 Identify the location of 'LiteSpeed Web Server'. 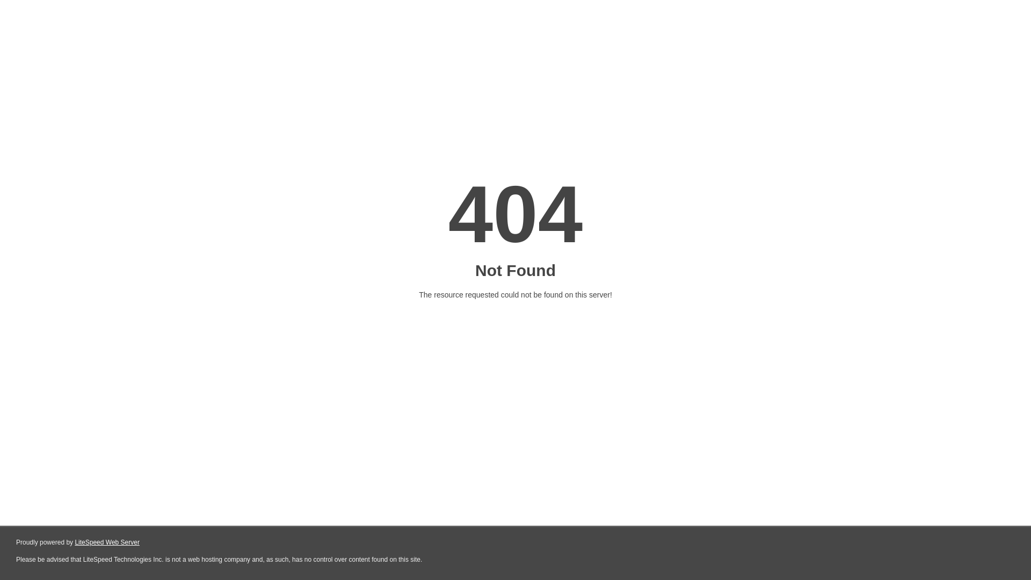
(107, 542).